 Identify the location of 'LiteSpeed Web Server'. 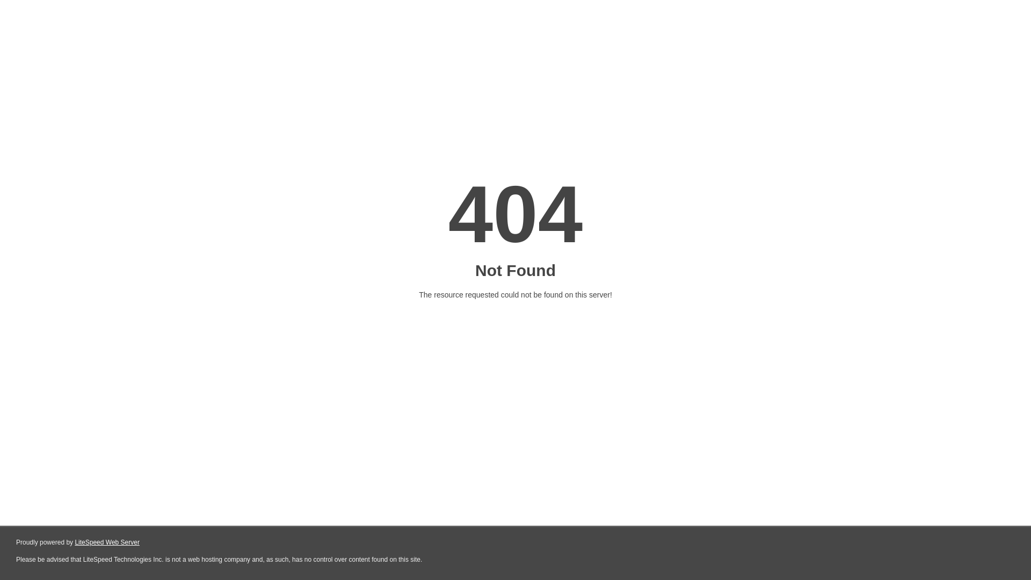
(107, 542).